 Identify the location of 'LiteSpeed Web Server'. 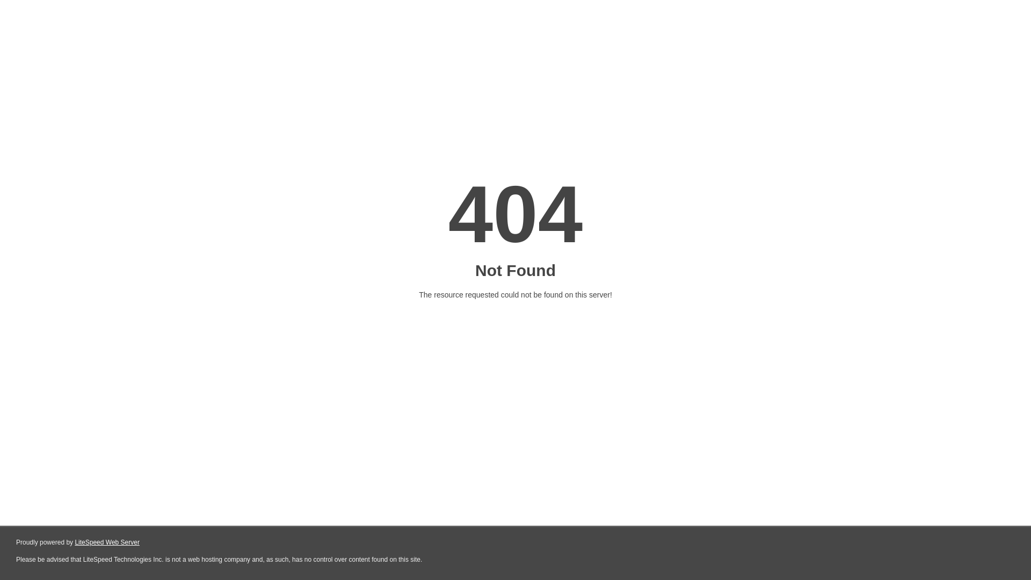
(107, 542).